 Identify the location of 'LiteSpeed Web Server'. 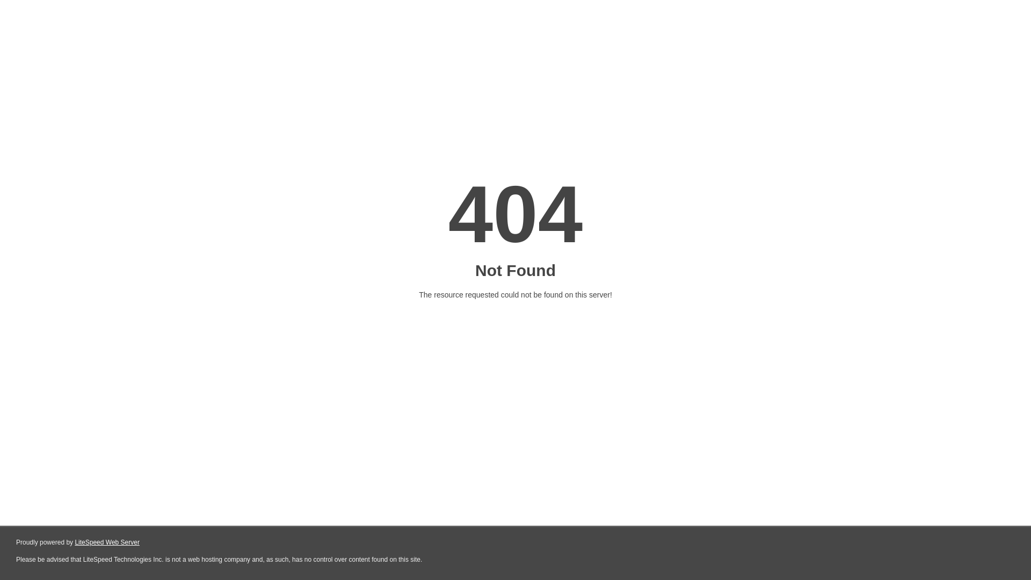
(107, 542).